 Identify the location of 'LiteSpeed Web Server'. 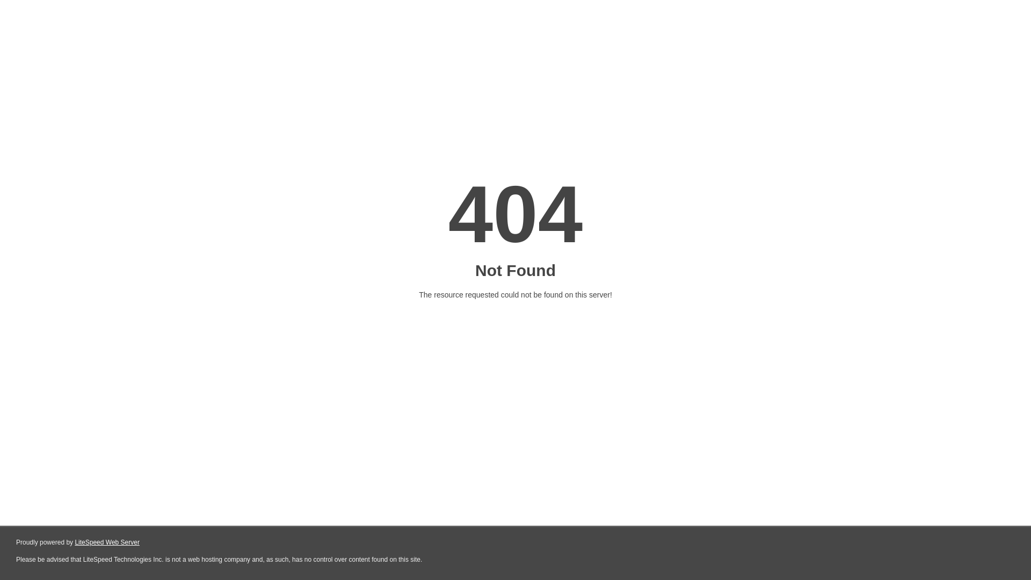
(107, 542).